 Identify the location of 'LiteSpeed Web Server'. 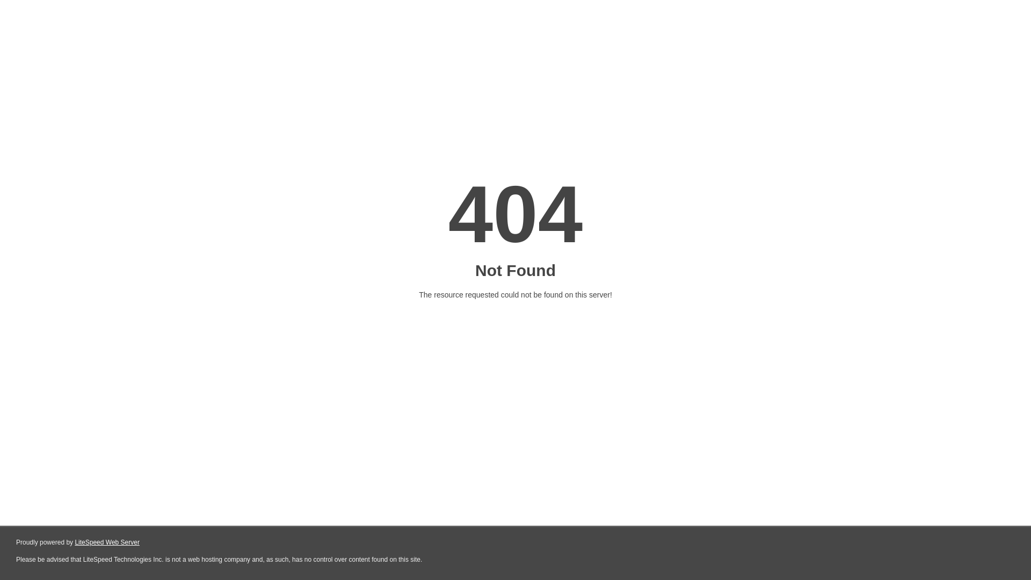
(107, 542).